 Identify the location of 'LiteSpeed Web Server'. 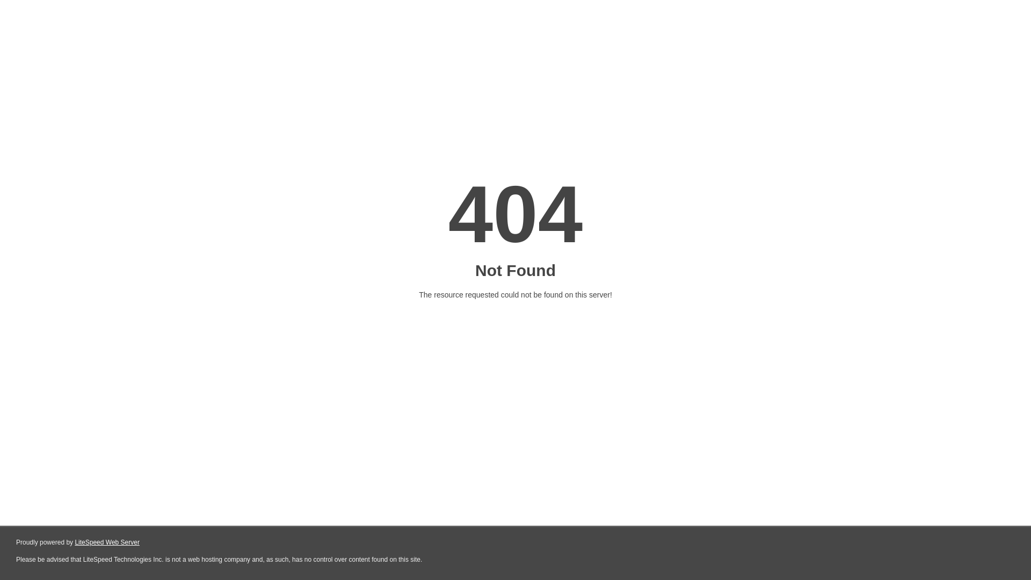
(107, 542).